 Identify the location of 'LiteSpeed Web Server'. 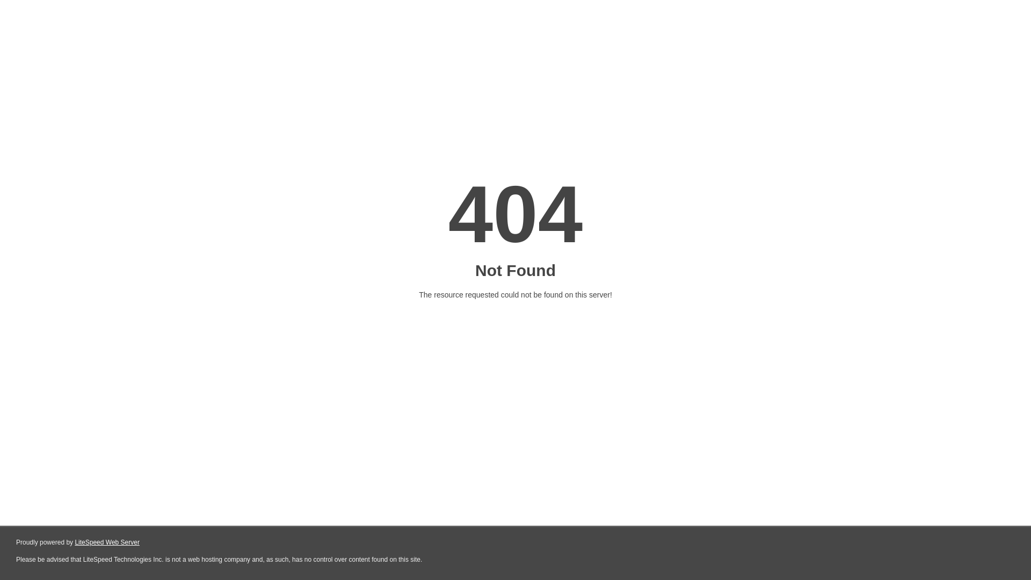
(107, 542).